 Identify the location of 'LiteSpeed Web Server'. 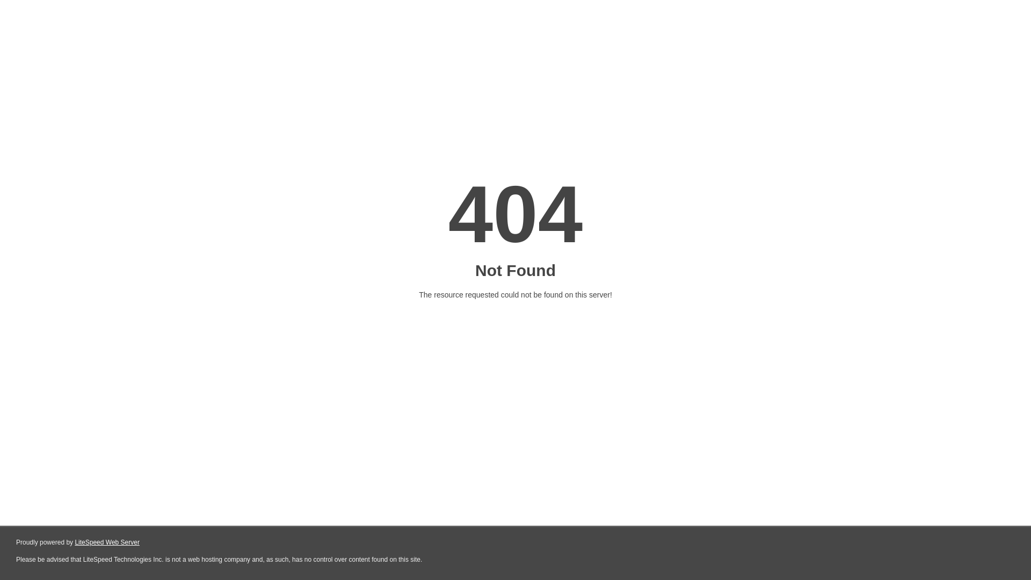
(107, 542).